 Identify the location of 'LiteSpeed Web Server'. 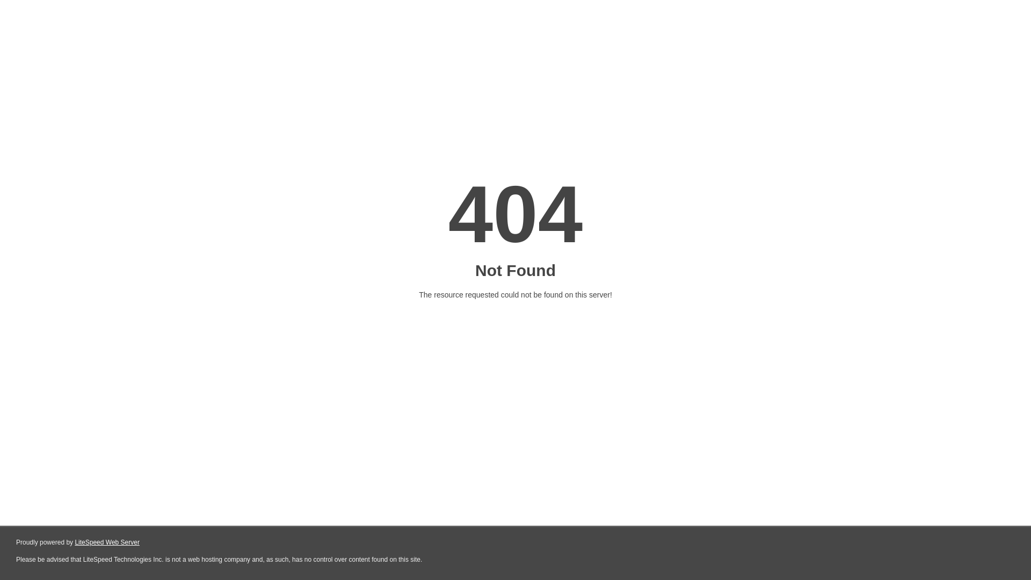
(107, 542).